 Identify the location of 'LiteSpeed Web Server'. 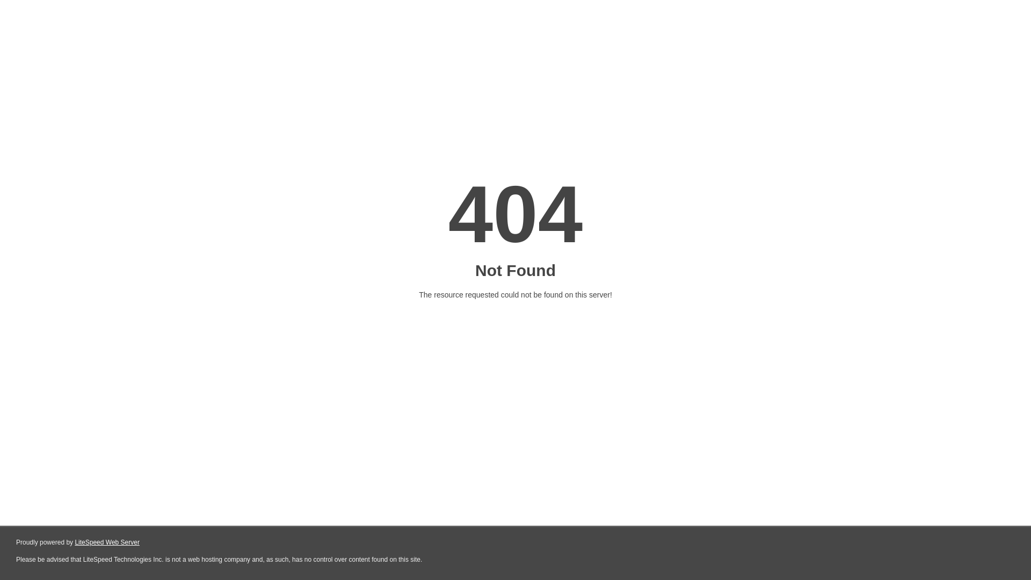
(107, 542).